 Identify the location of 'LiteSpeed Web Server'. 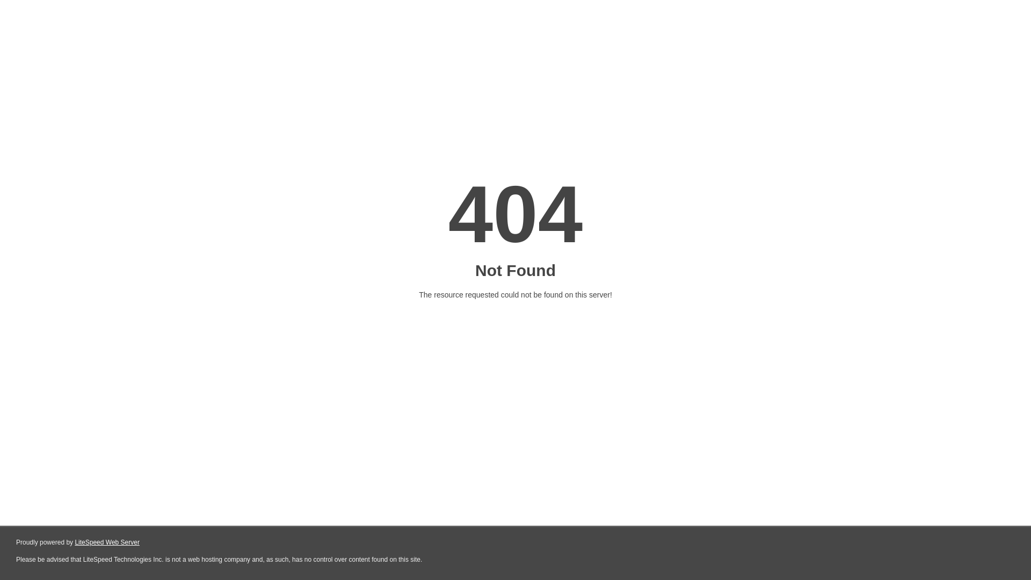
(107, 542).